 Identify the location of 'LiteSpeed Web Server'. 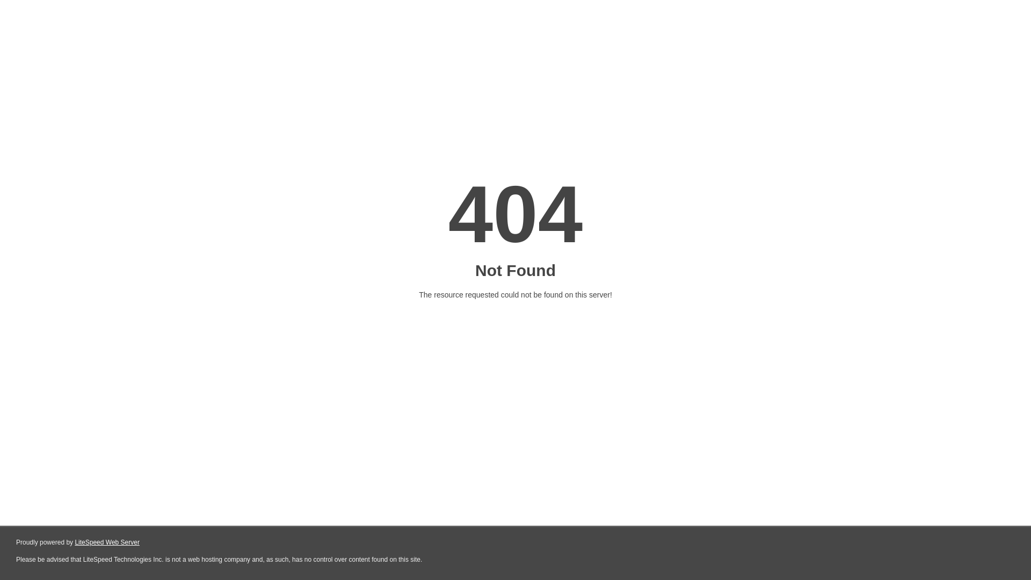
(107, 542).